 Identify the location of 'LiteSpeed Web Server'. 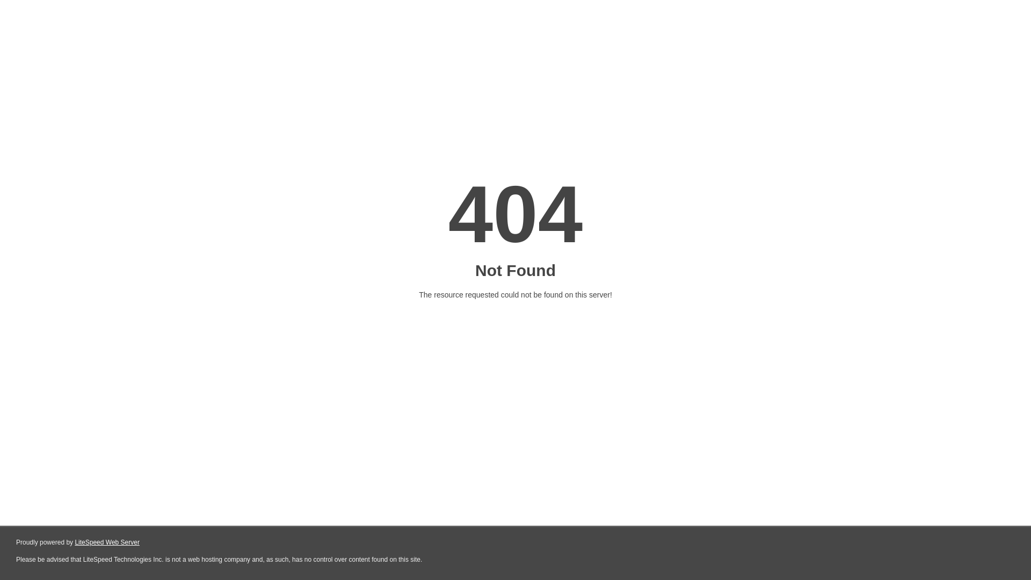
(107, 542).